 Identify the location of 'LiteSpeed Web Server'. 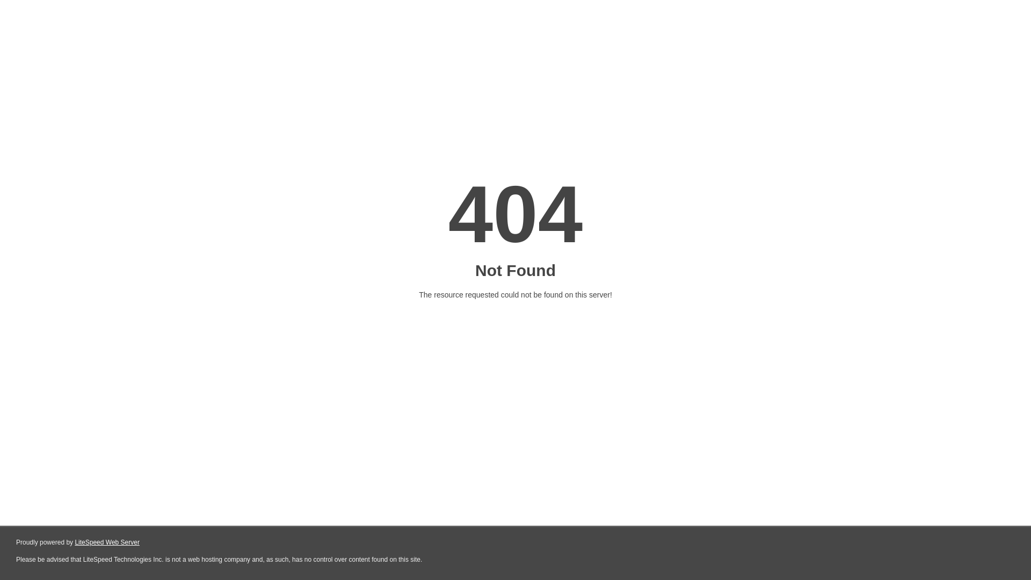
(107, 542).